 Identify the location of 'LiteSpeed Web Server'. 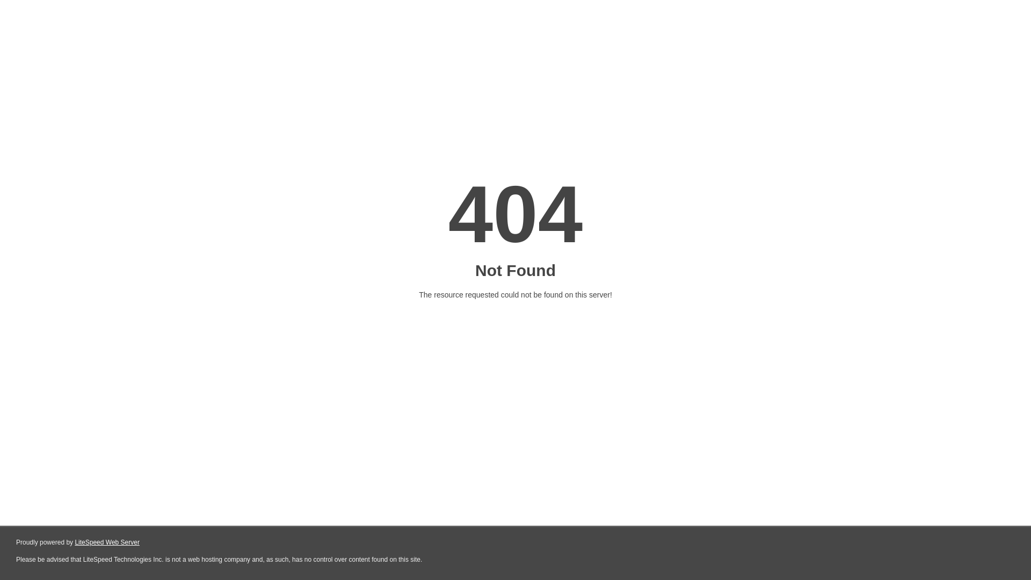
(107, 542).